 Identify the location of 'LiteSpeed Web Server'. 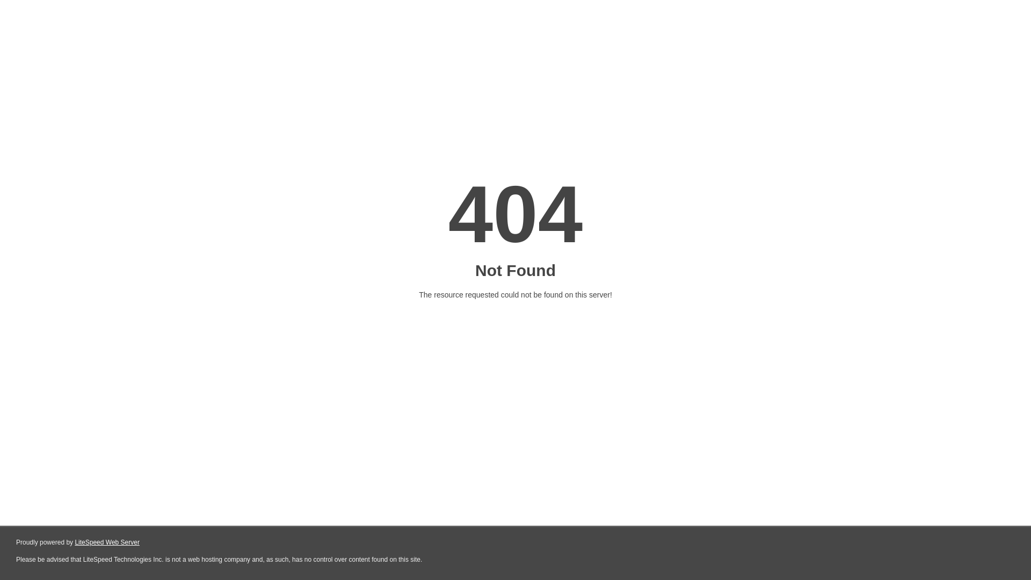
(107, 542).